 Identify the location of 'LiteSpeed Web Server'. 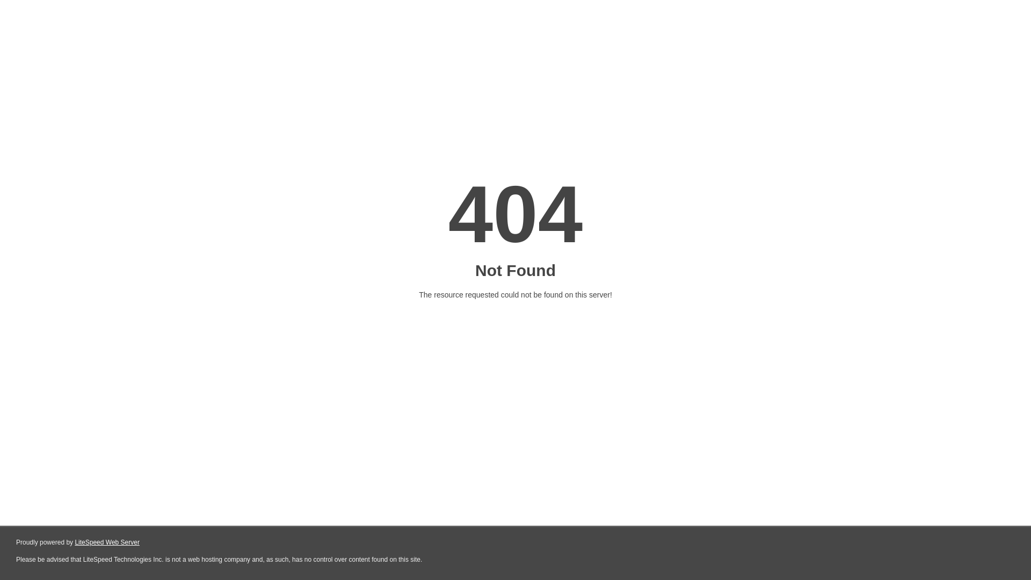
(107, 542).